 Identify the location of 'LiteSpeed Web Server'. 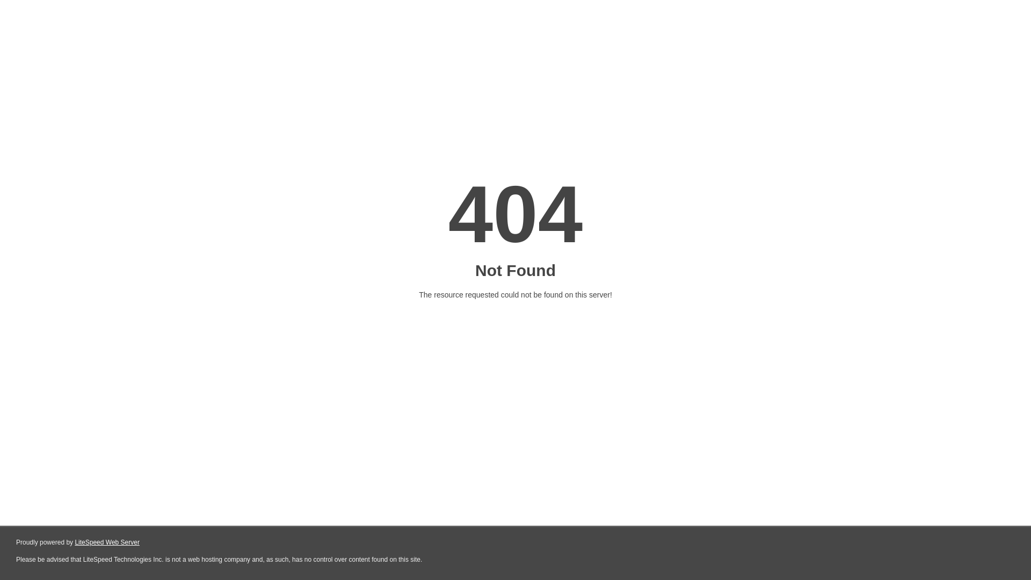
(107, 542).